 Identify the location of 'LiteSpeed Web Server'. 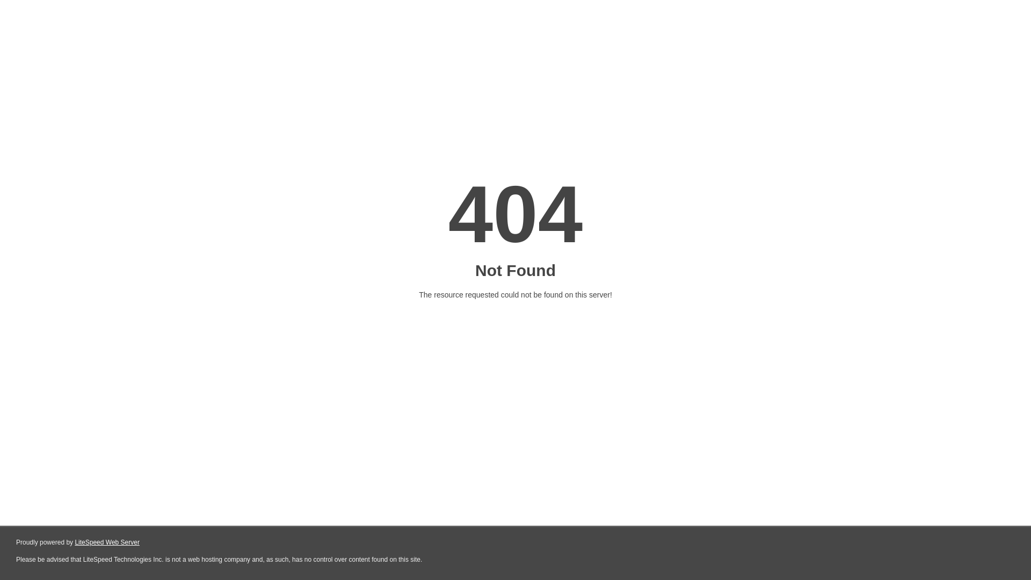
(107, 542).